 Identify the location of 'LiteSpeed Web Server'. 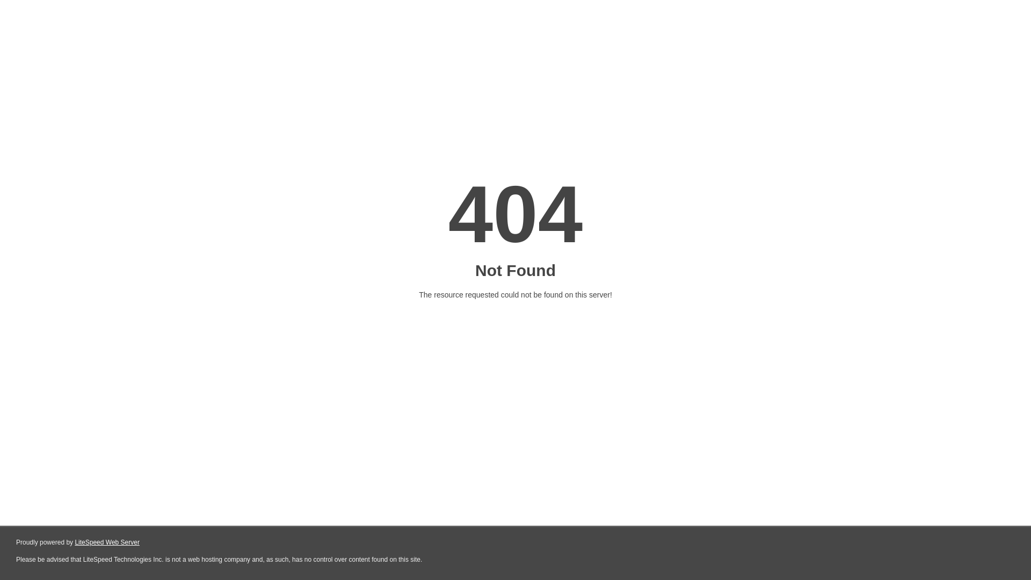
(107, 542).